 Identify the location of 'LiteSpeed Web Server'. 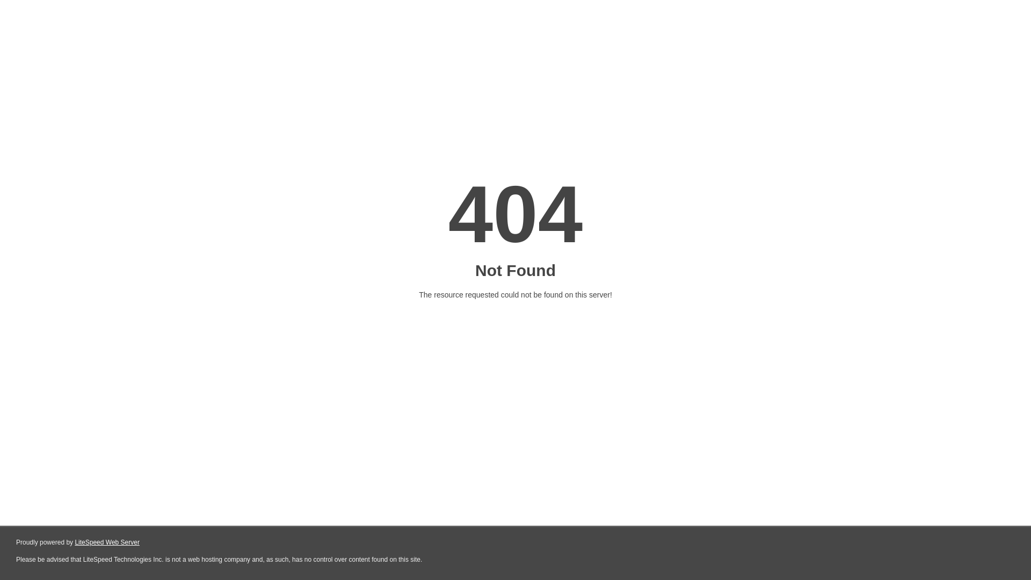
(107, 542).